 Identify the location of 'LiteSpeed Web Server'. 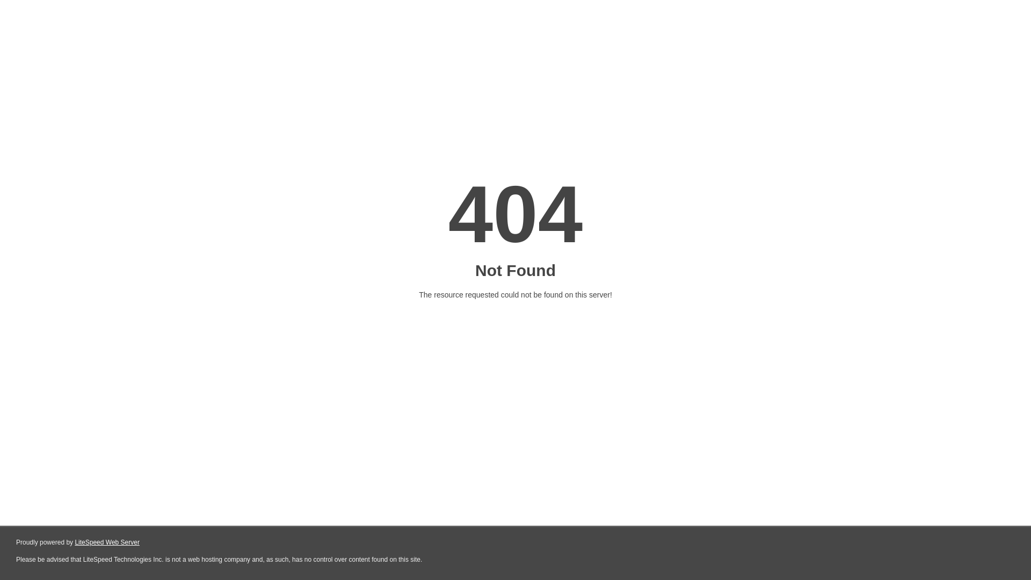
(107, 542).